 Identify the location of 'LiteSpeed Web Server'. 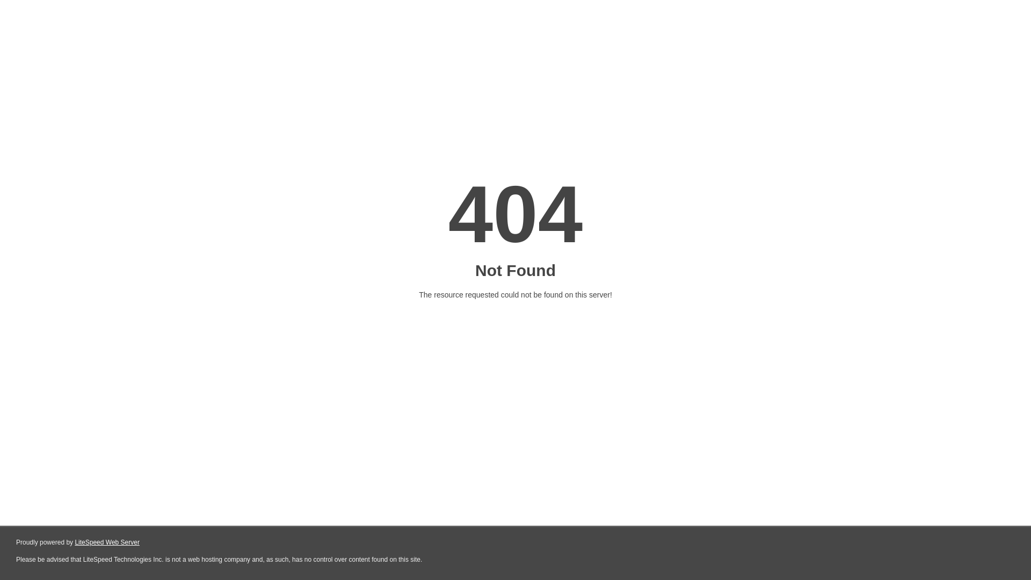
(107, 542).